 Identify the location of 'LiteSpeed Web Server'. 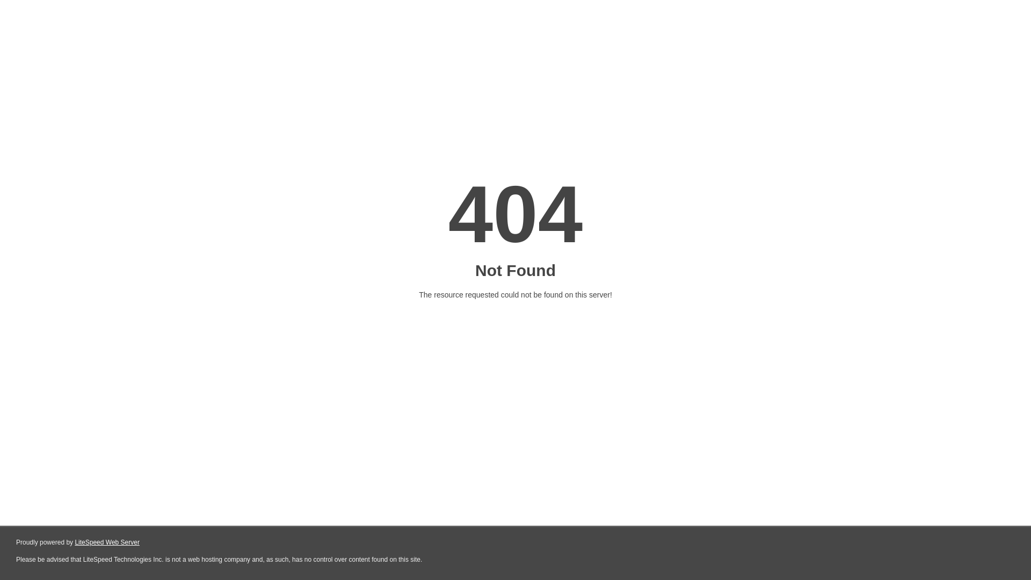
(107, 542).